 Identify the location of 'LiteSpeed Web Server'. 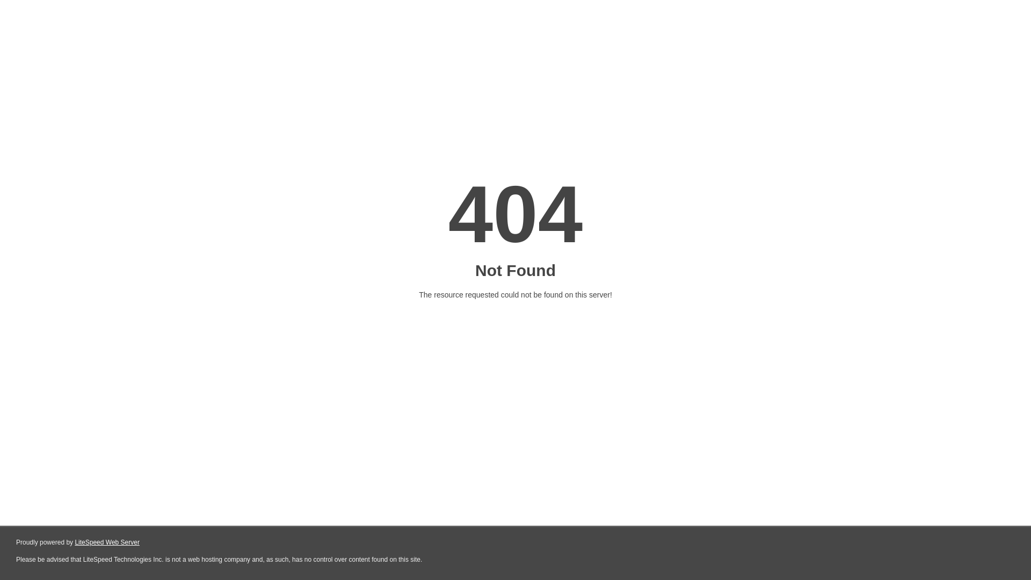
(107, 542).